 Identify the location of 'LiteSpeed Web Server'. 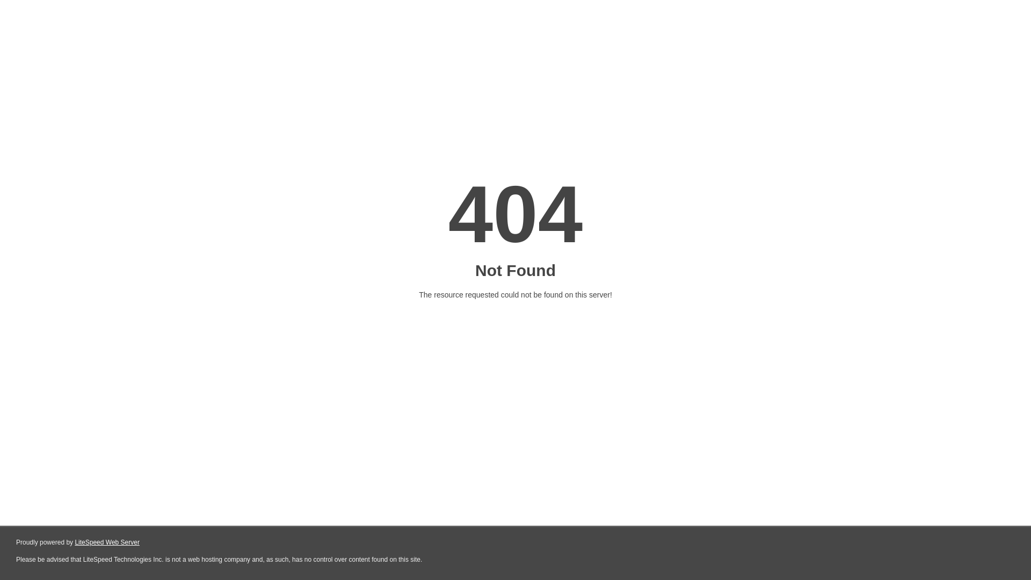
(107, 542).